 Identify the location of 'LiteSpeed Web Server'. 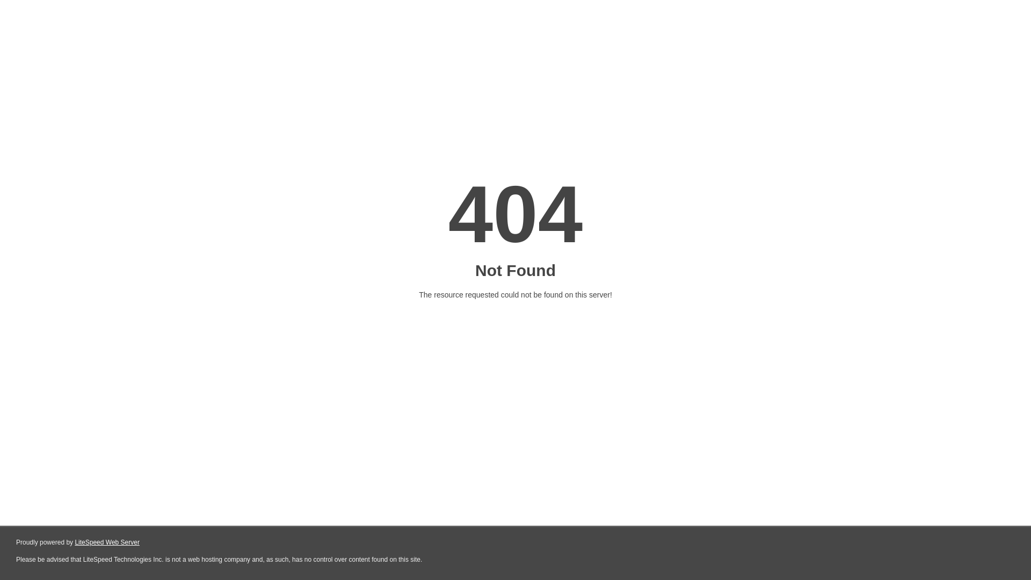
(107, 542).